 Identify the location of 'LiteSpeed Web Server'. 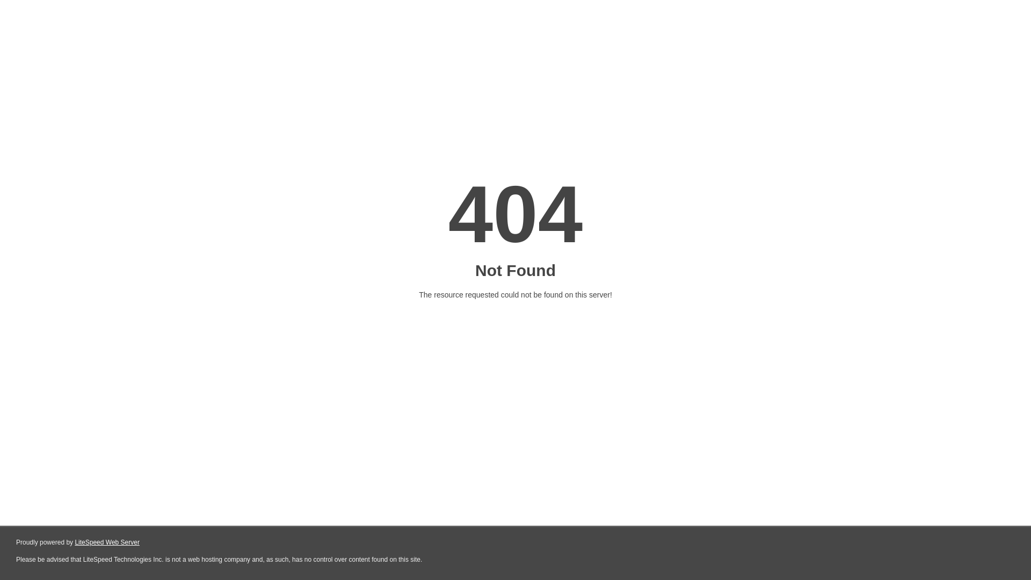
(107, 542).